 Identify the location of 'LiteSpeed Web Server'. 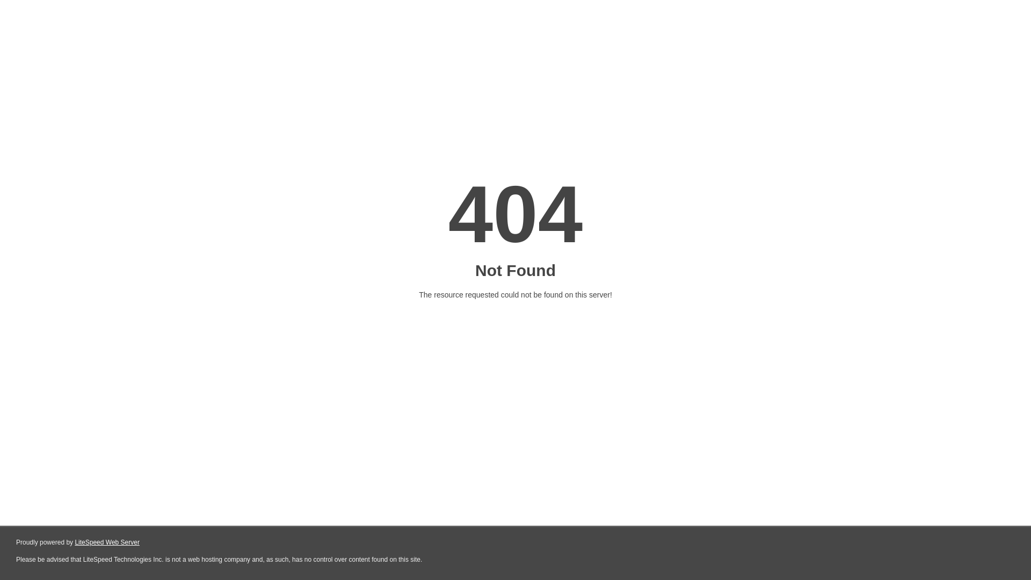
(107, 542).